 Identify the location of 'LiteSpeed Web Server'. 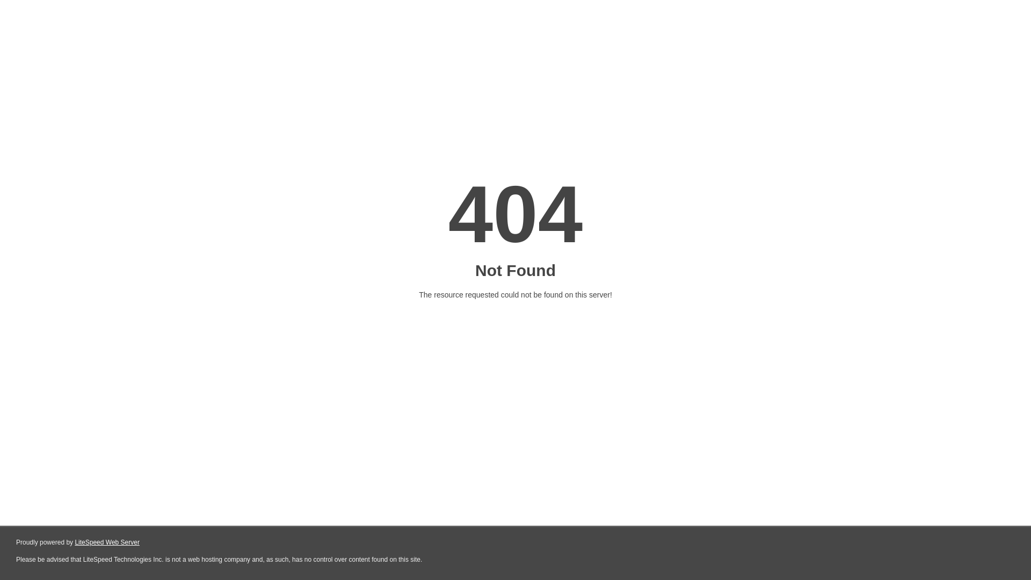
(107, 542).